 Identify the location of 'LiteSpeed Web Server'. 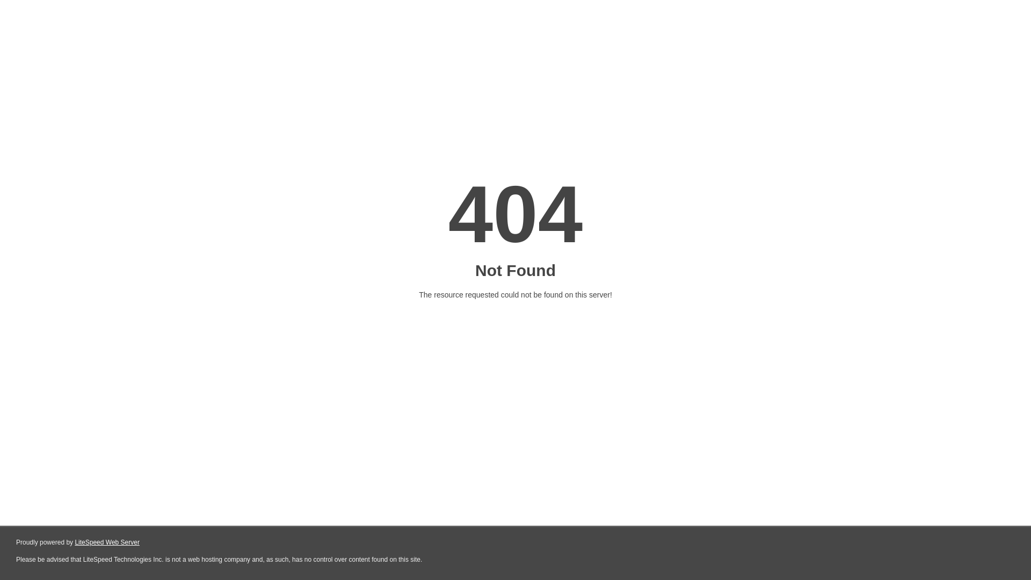
(107, 542).